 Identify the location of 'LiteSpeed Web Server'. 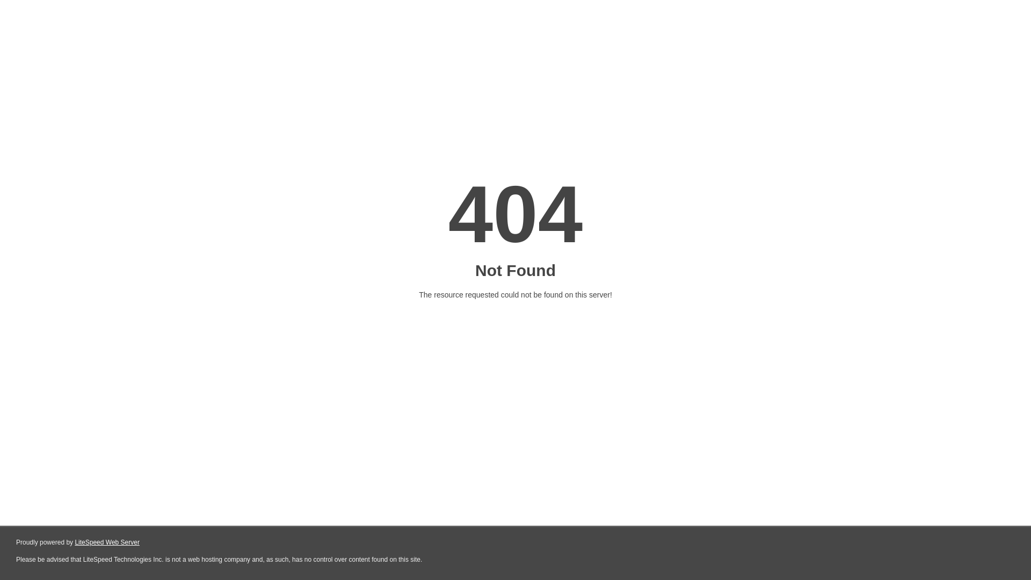
(107, 542).